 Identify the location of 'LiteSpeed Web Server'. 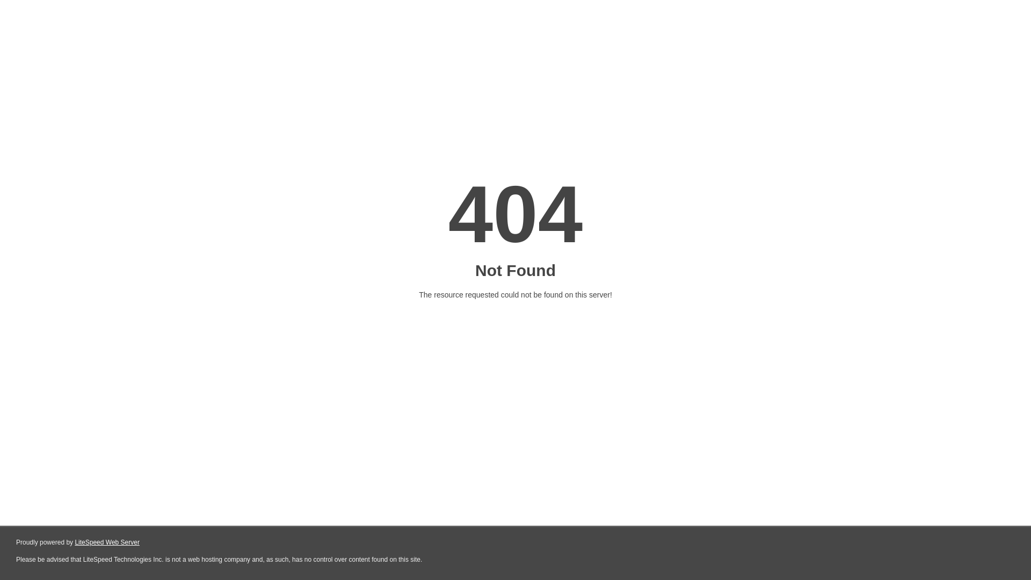
(107, 542).